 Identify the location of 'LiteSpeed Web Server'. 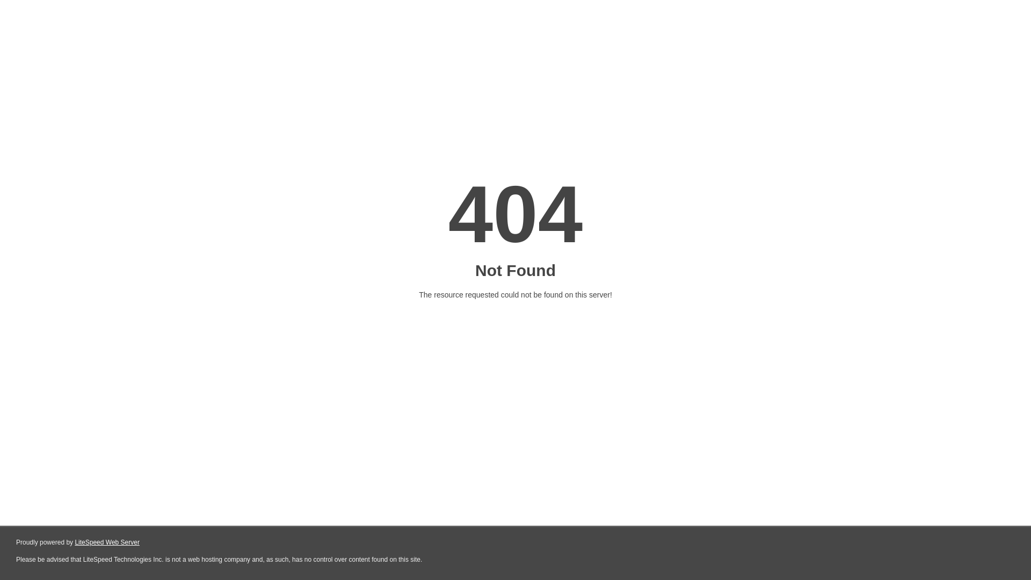
(107, 542).